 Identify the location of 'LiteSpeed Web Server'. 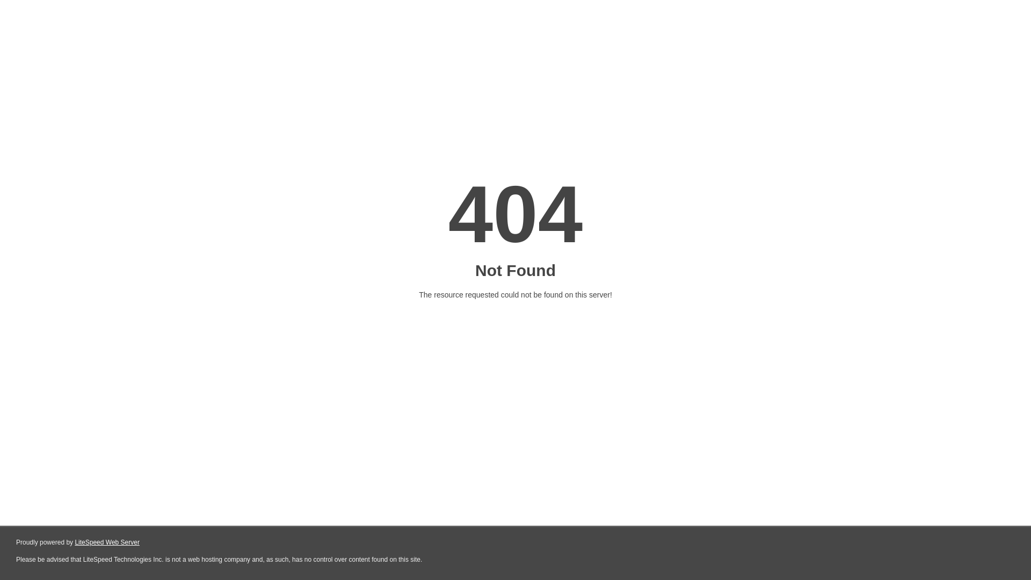
(107, 542).